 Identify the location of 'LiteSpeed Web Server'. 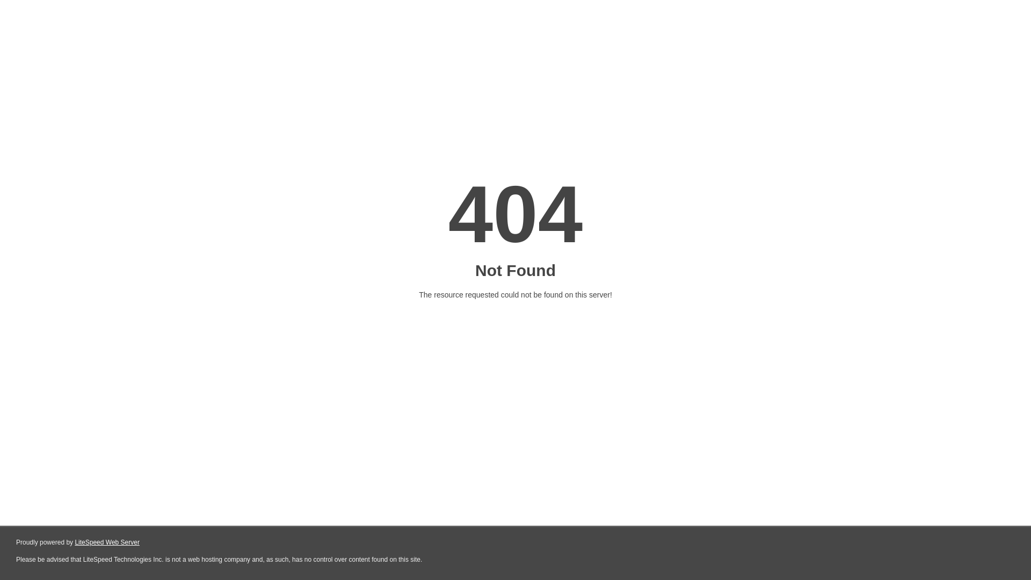
(107, 542).